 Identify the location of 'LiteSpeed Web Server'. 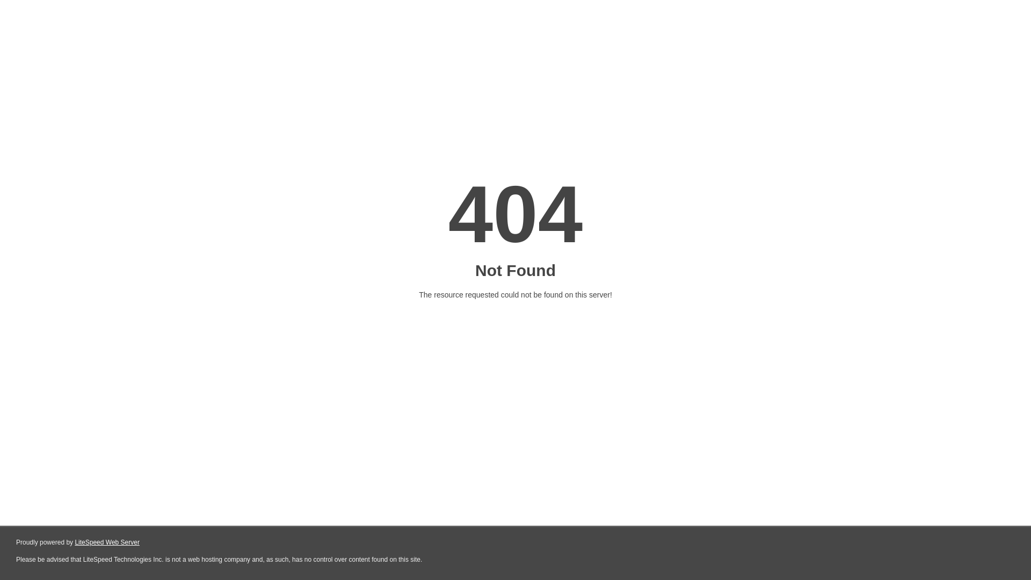
(107, 542).